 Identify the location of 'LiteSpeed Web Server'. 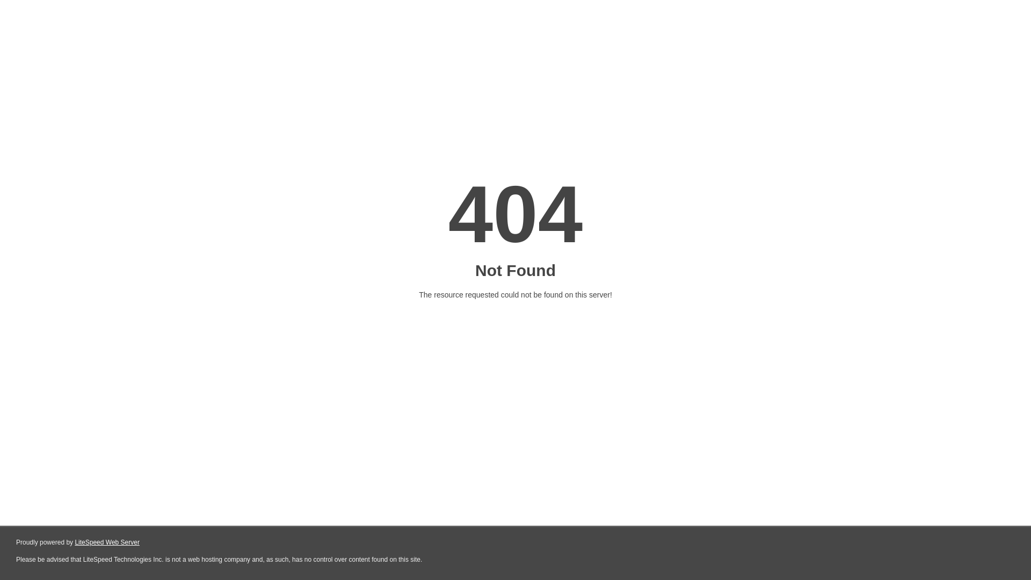
(107, 542).